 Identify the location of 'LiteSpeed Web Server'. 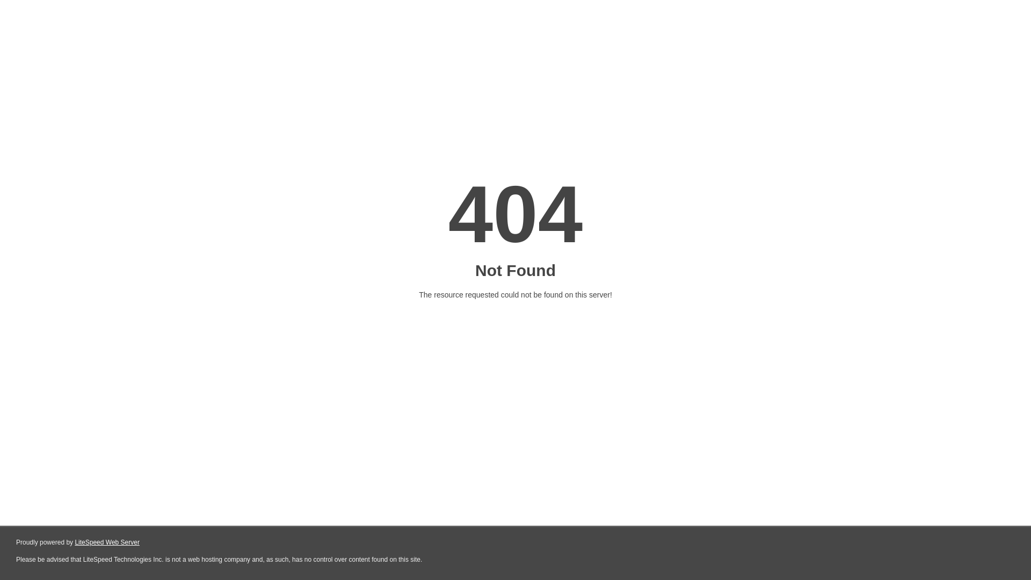
(107, 542).